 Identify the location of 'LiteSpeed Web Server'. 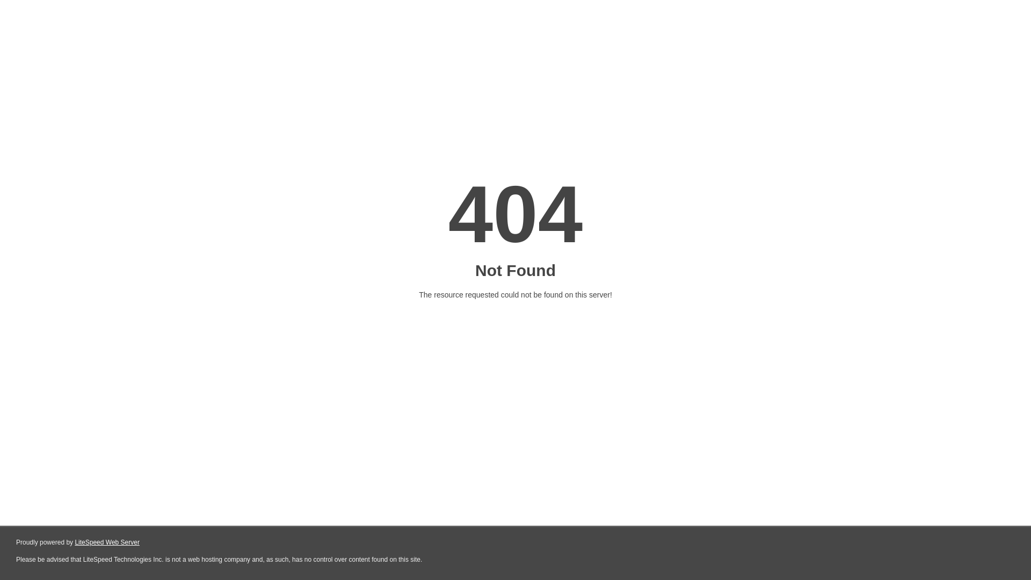
(107, 542).